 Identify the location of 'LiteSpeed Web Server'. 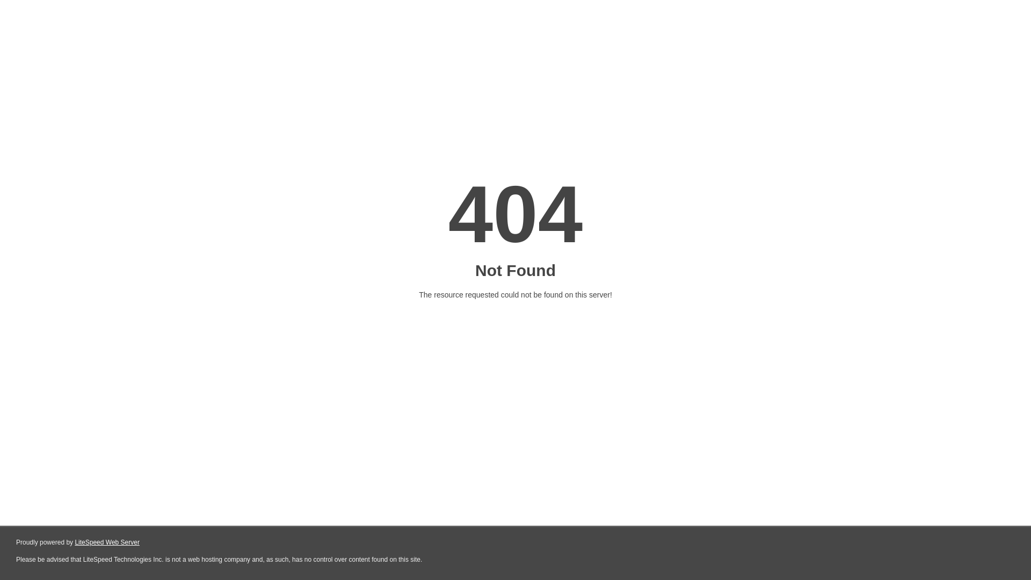
(107, 542).